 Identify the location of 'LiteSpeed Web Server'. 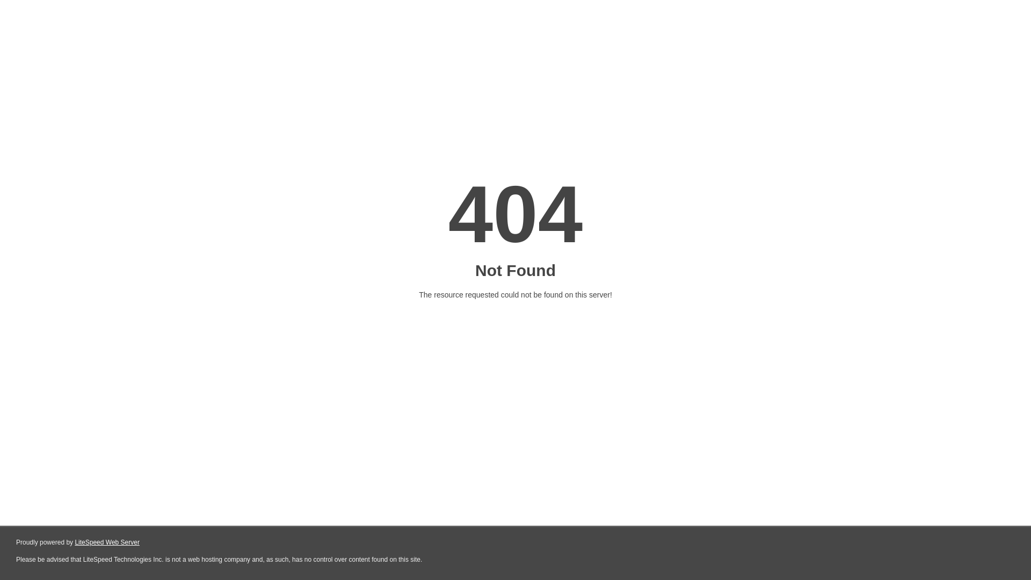
(107, 542).